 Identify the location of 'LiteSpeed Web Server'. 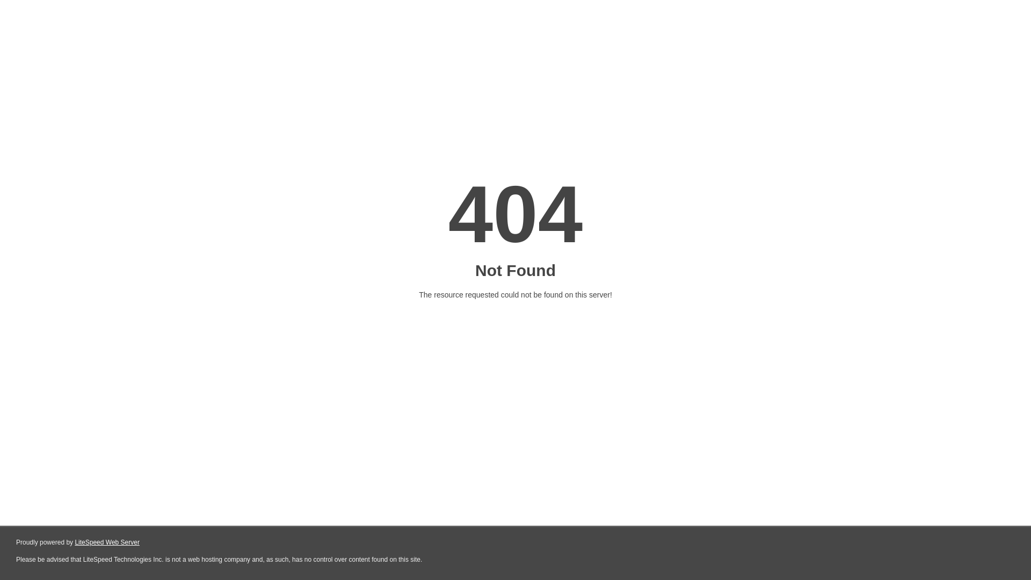
(107, 542).